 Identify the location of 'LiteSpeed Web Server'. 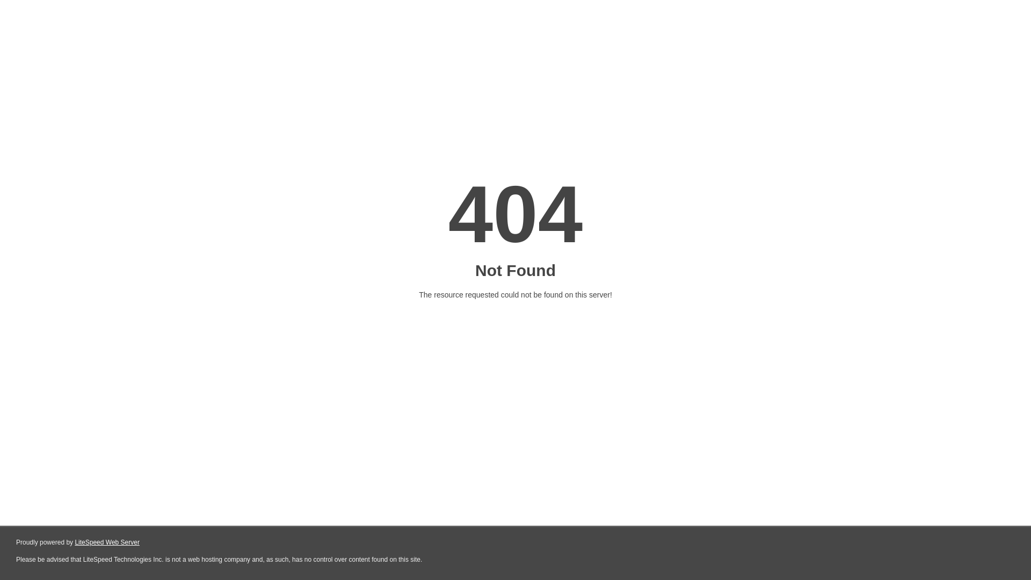
(107, 542).